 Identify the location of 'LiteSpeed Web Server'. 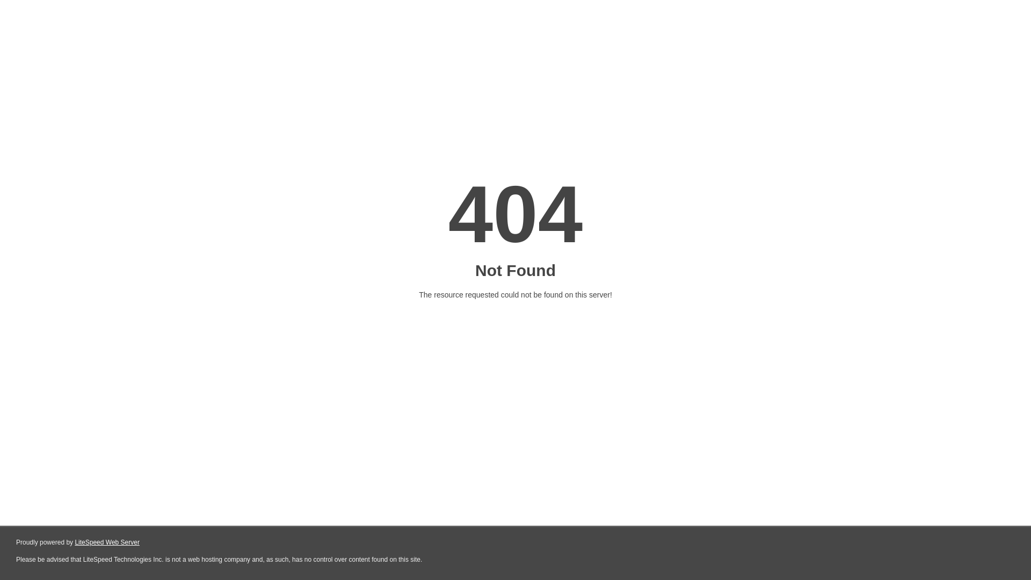
(107, 542).